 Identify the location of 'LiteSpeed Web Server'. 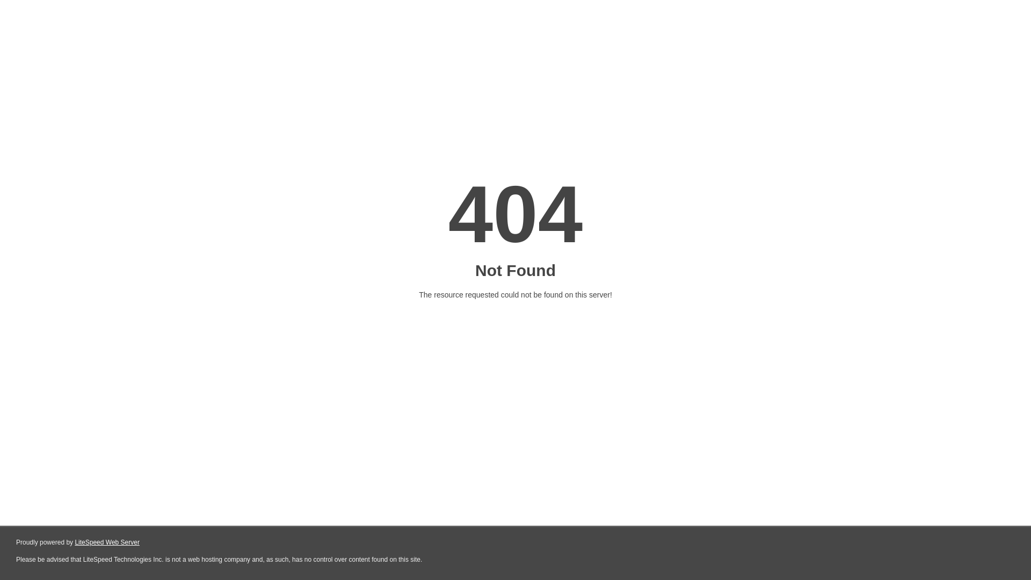
(107, 542).